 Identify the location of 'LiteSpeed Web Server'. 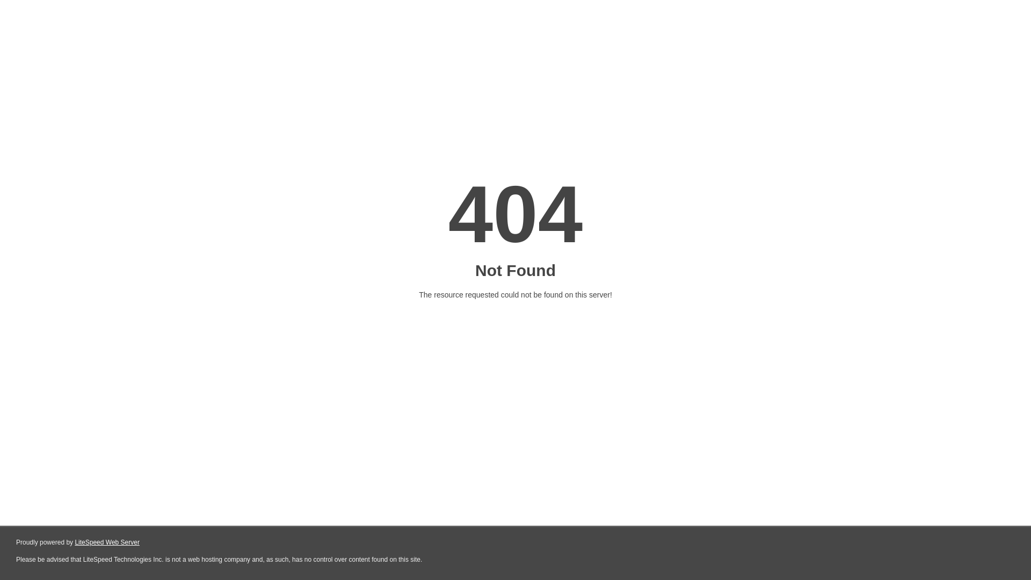
(107, 542).